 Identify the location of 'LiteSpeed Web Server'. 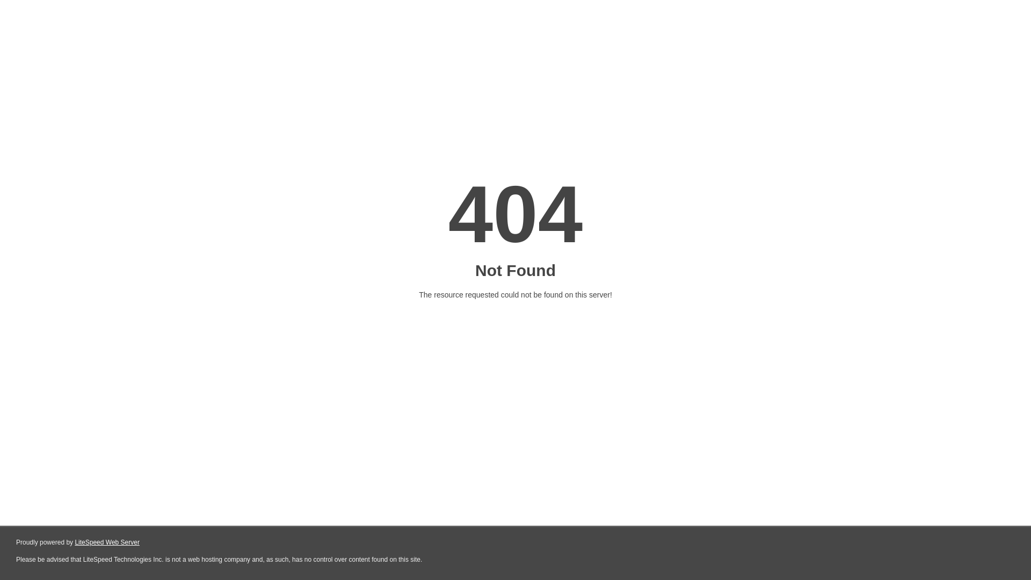
(107, 542).